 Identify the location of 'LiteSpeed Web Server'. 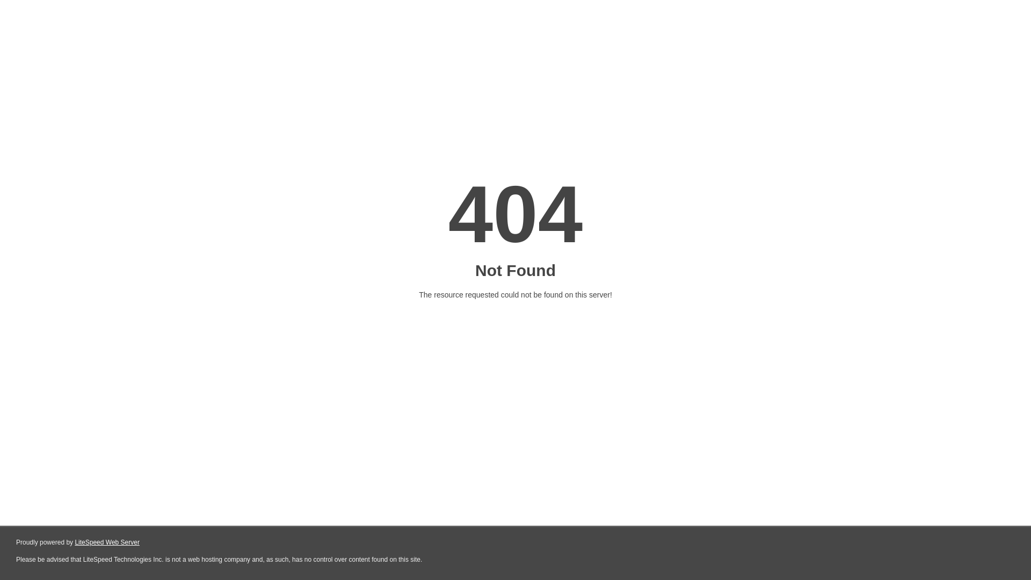
(107, 542).